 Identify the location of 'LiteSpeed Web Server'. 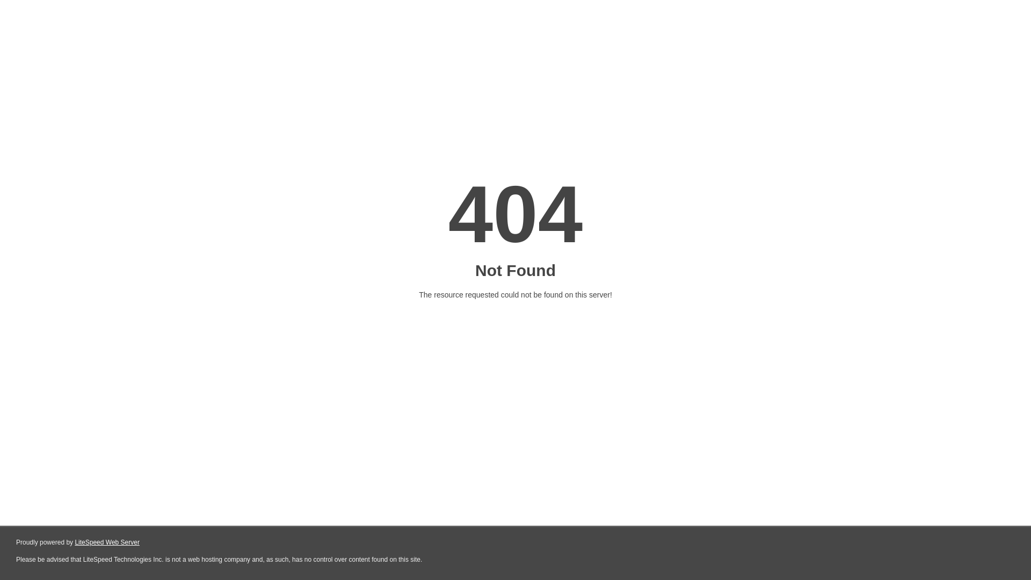
(107, 542).